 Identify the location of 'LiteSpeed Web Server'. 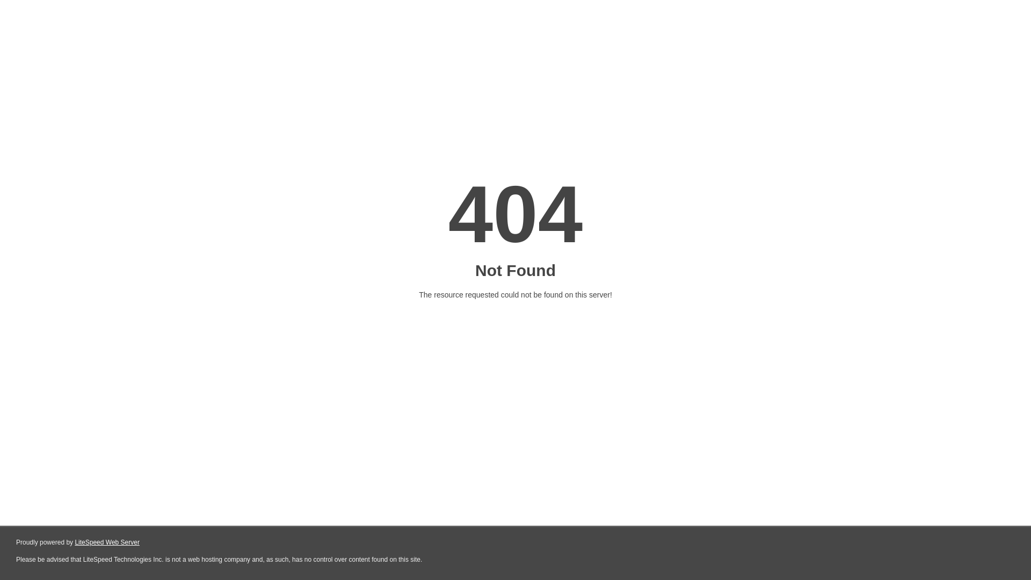
(107, 542).